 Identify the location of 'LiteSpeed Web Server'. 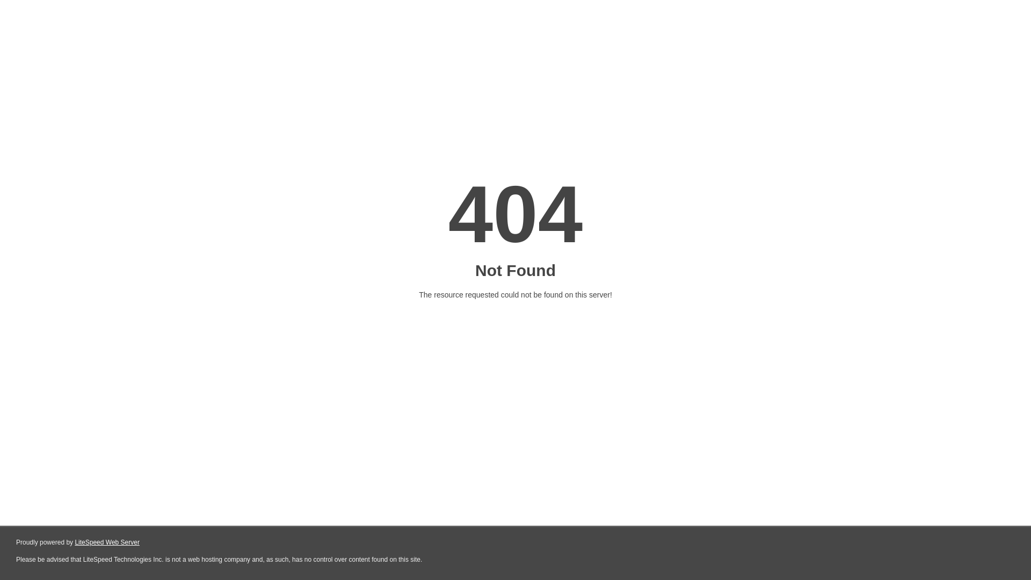
(107, 542).